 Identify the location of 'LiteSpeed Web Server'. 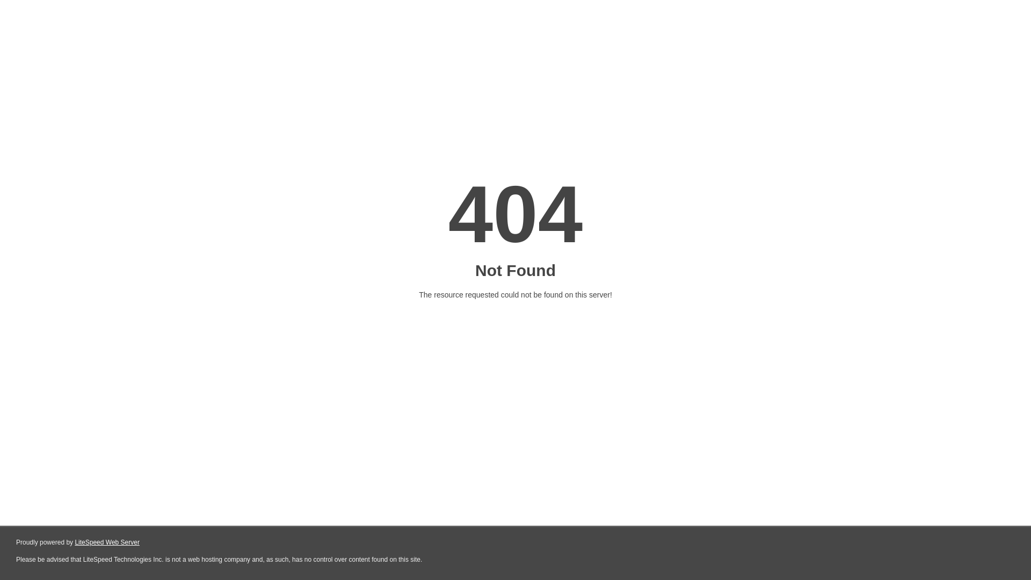
(107, 542).